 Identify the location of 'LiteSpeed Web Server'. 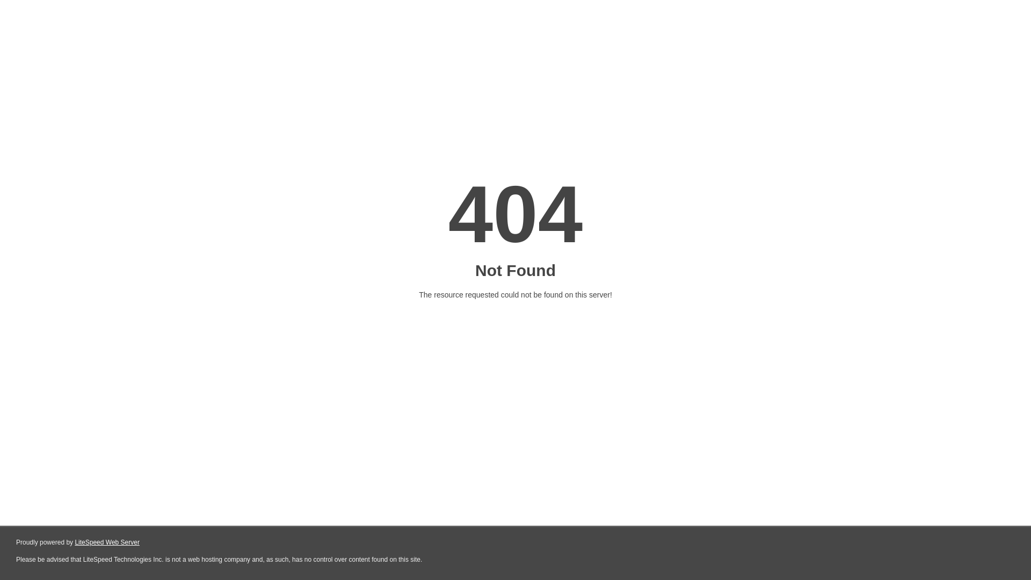
(107, 542).